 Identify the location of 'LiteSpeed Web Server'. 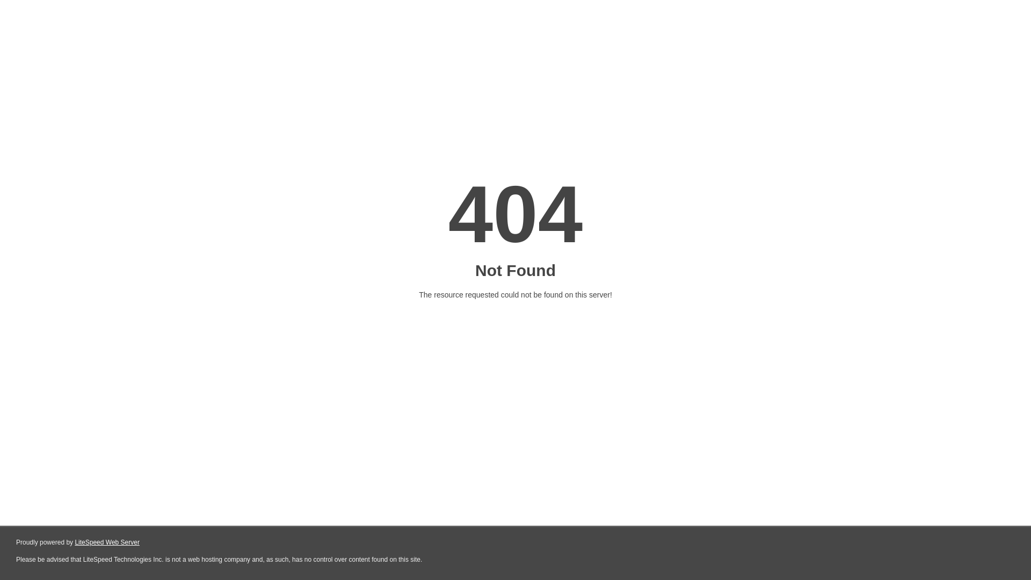
(107, 542).